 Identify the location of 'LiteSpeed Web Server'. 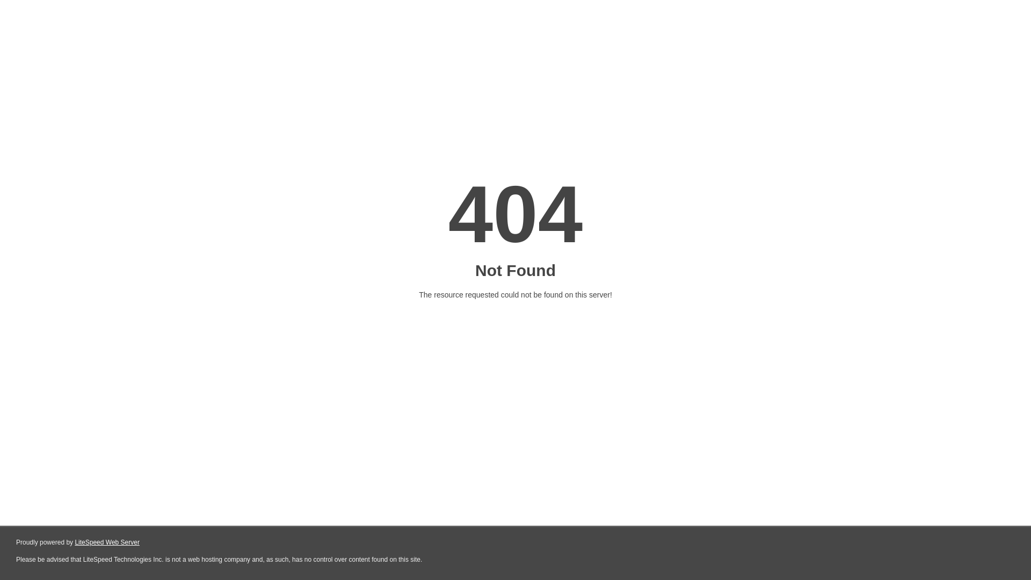
(107, 542).